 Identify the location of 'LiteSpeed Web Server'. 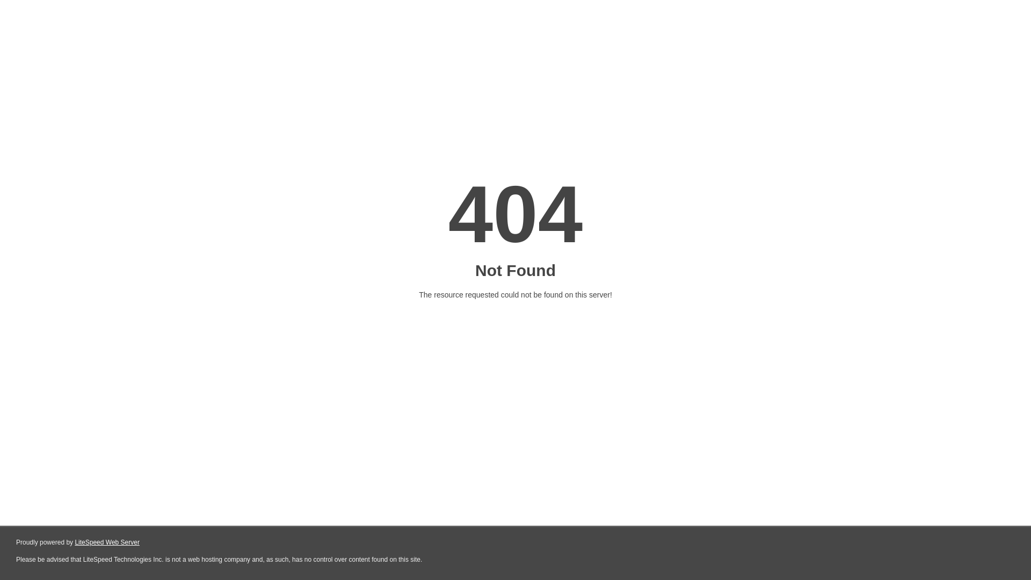
(107, 542).